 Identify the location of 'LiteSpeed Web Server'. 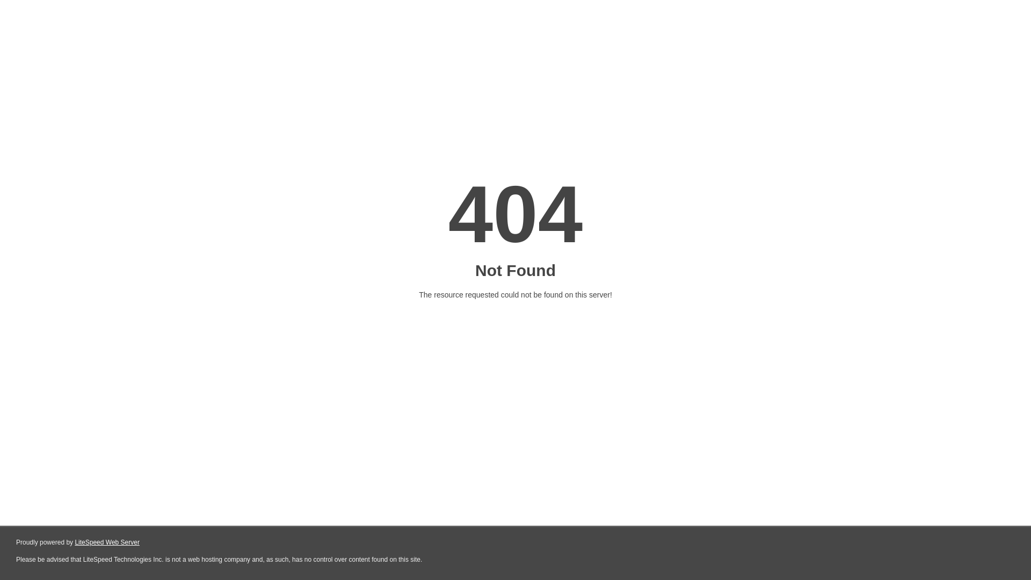
(107, 542).